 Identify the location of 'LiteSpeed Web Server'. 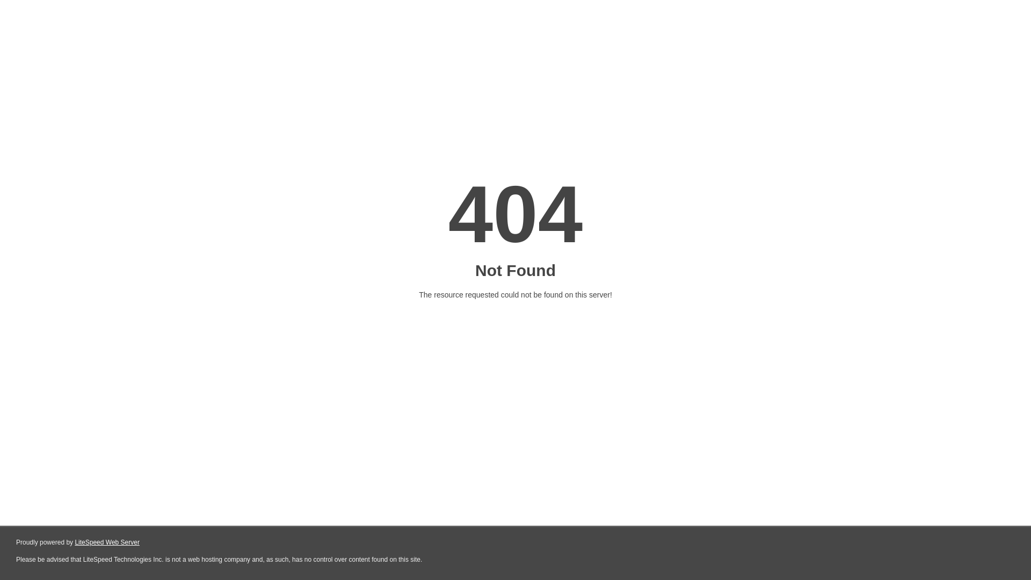
(107, 542).